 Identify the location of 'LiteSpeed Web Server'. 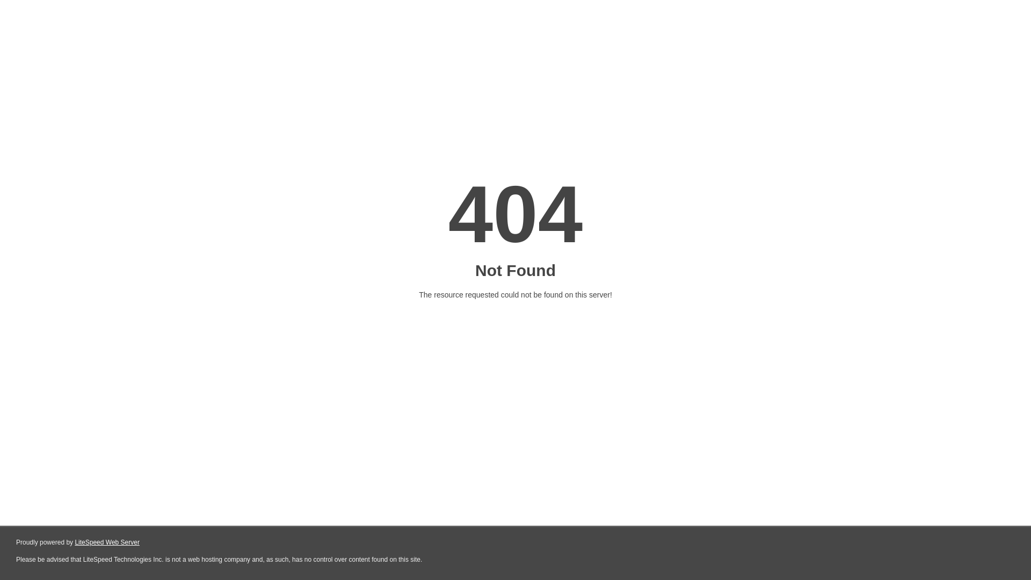
(107, 542).